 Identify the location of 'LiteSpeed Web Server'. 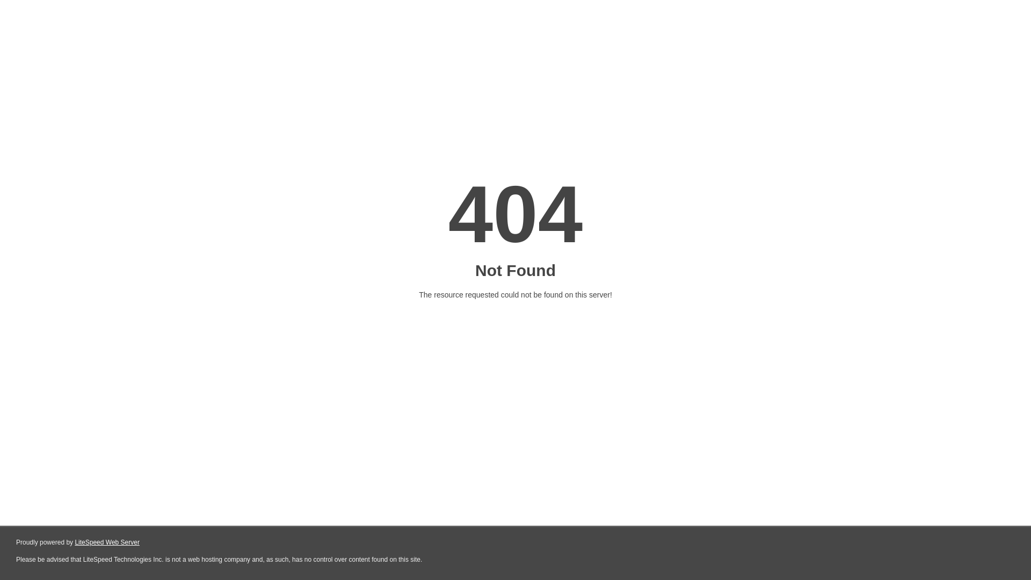
(107, 542).